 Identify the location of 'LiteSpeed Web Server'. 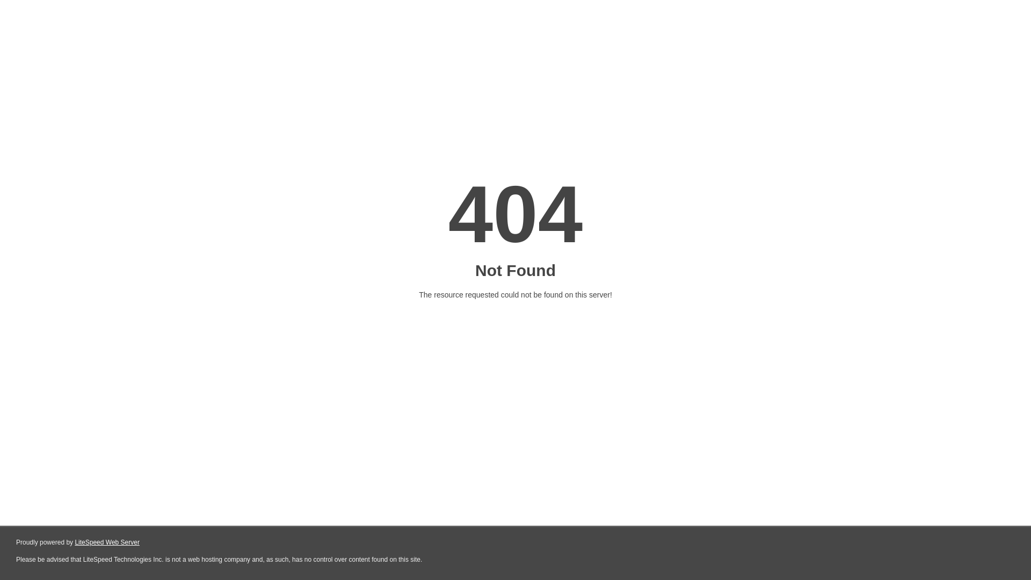
(107, 542).